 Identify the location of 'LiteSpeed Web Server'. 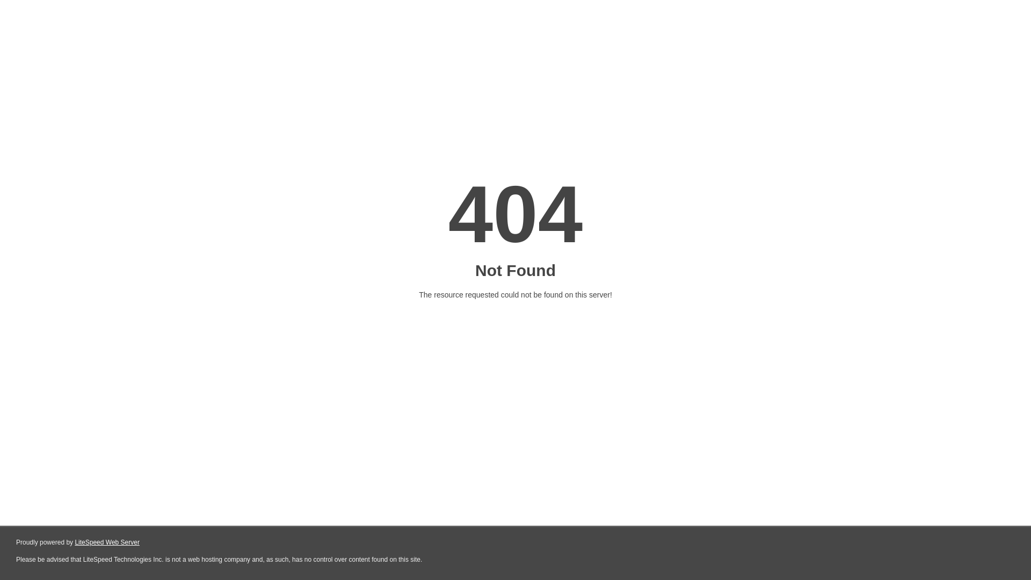
(107, 542).